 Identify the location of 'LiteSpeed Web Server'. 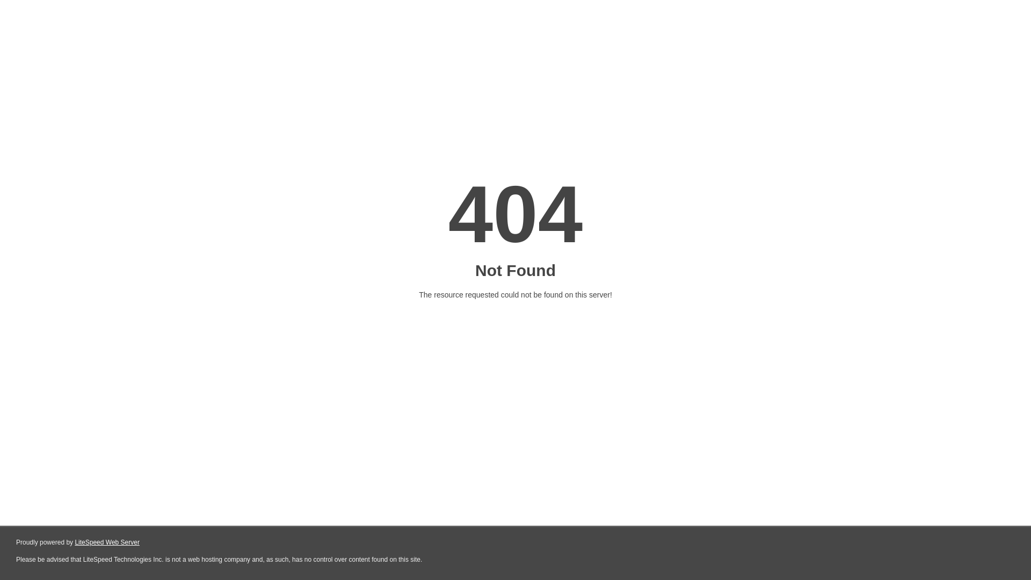
(107, 542).